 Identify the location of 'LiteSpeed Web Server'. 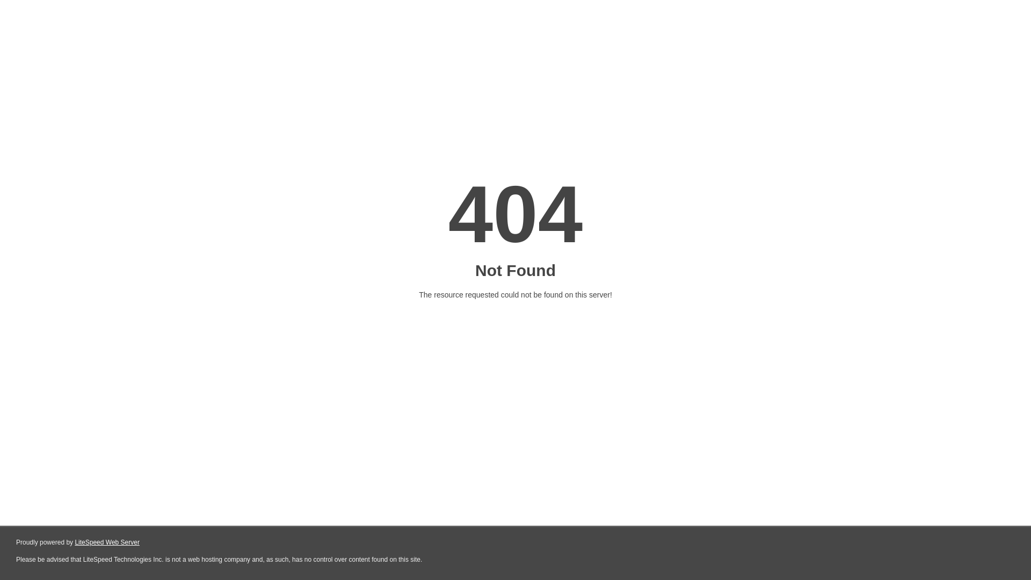
(107, 542).